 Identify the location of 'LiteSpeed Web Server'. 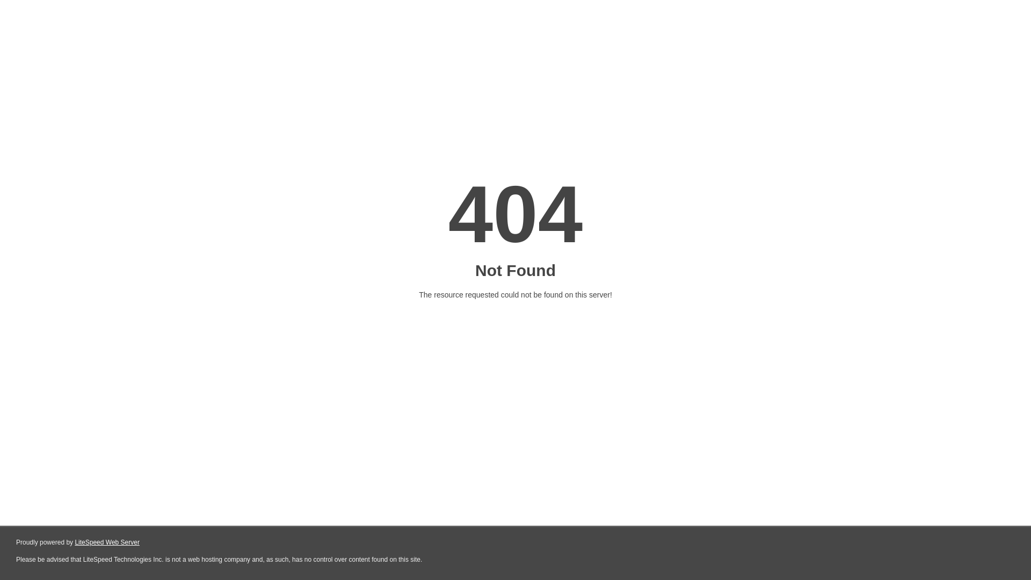
(107, 542).